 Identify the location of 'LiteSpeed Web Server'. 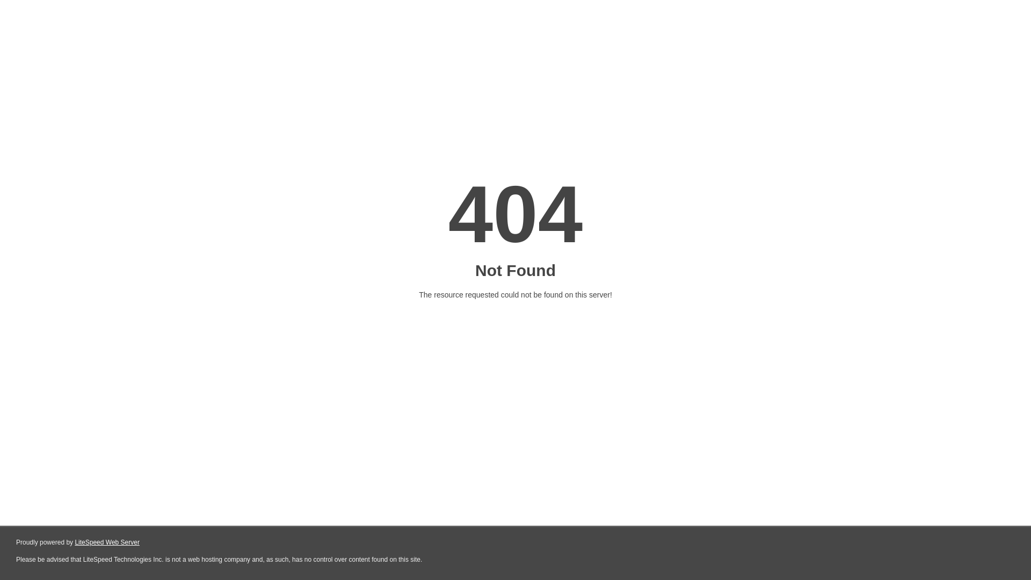
(107, 542).